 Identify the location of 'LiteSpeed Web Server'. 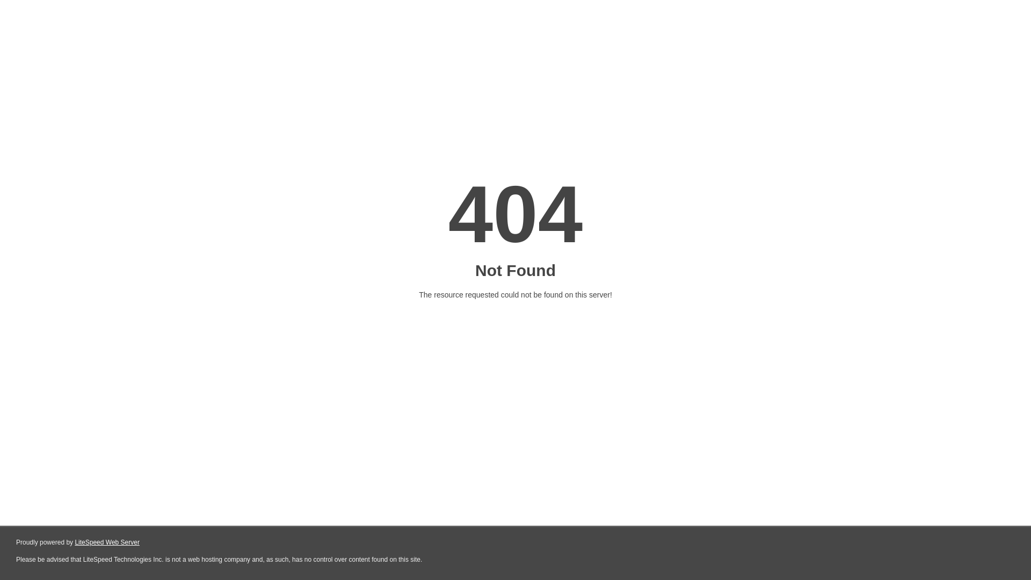
(107, 542).